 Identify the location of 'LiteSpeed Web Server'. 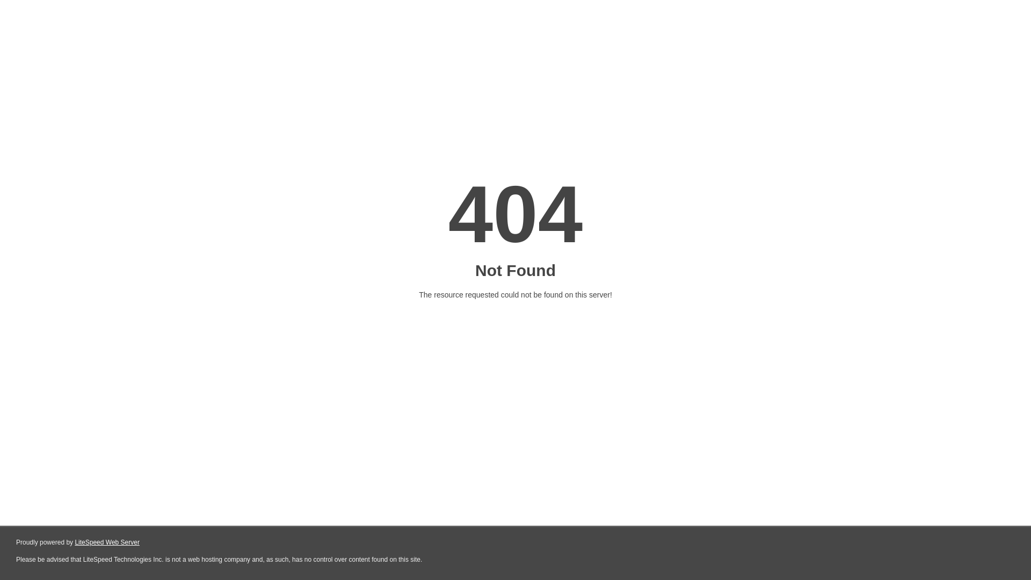
(107, 542).